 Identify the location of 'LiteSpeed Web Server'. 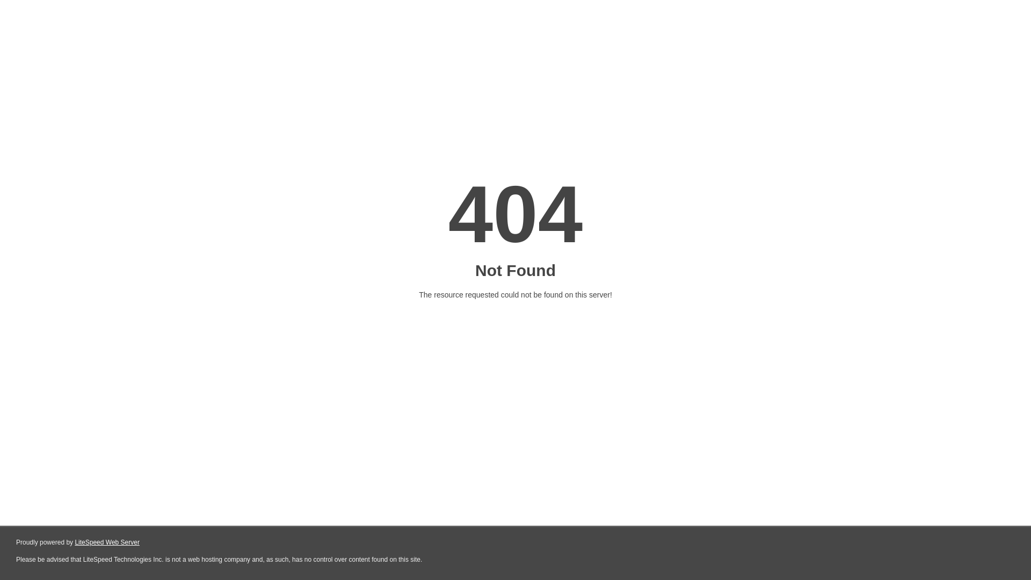
(107, 542).